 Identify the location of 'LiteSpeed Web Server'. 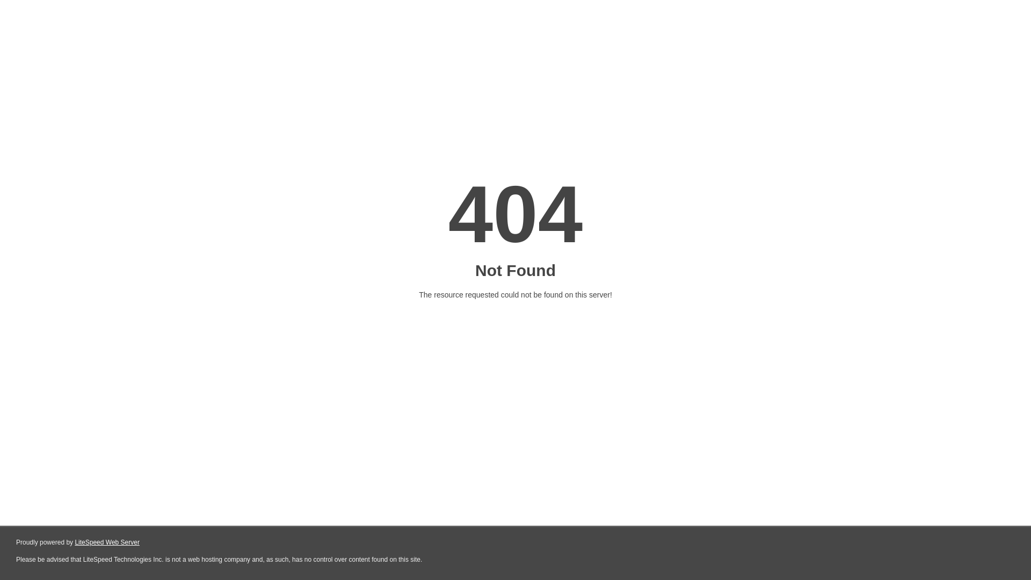
(107, 542).